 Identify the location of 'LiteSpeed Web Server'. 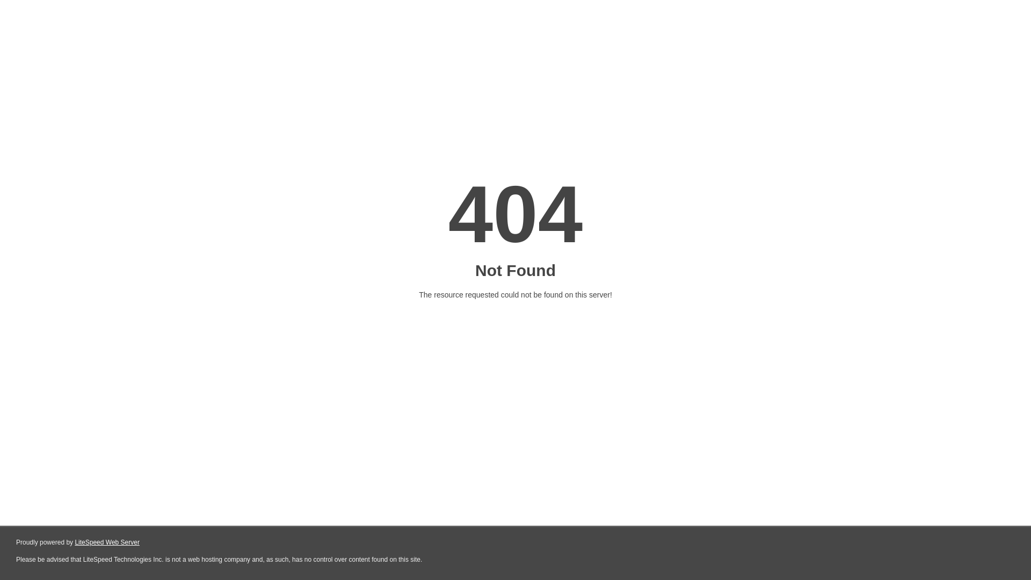
(107, 542).